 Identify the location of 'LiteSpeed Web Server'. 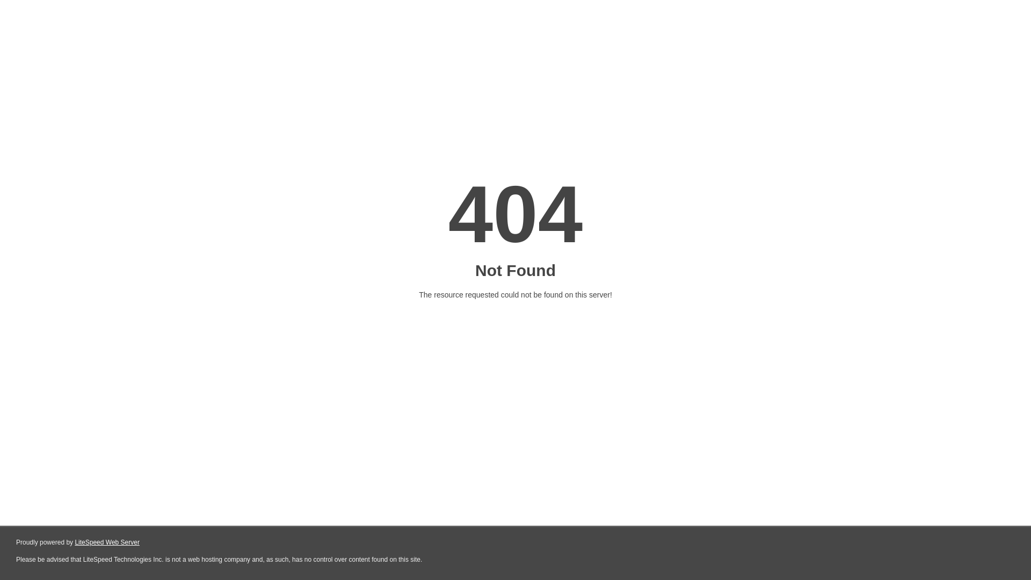
(107, 542).